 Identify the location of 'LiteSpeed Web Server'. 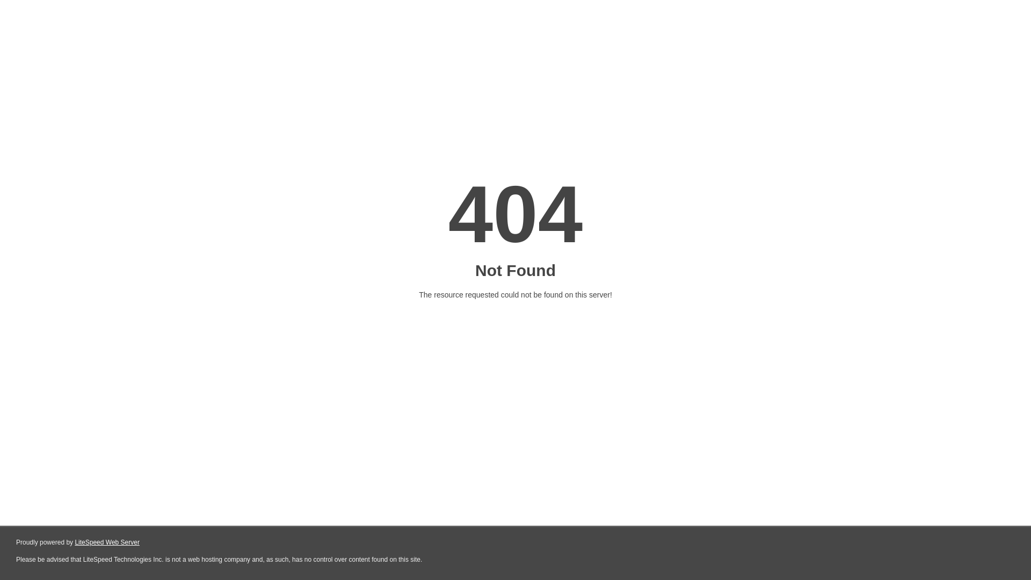
(107, 542).